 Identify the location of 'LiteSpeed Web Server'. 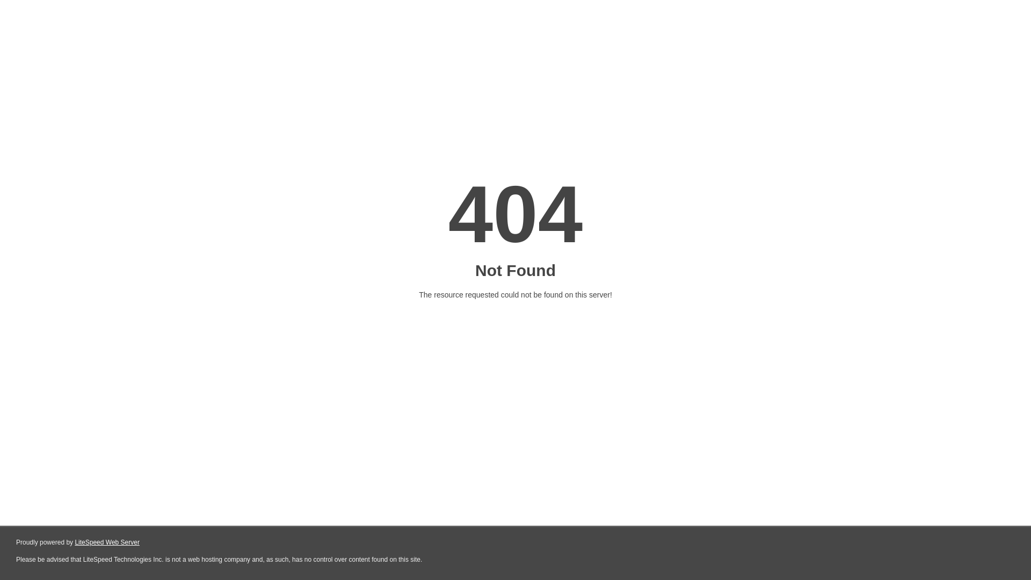
(107, 542).